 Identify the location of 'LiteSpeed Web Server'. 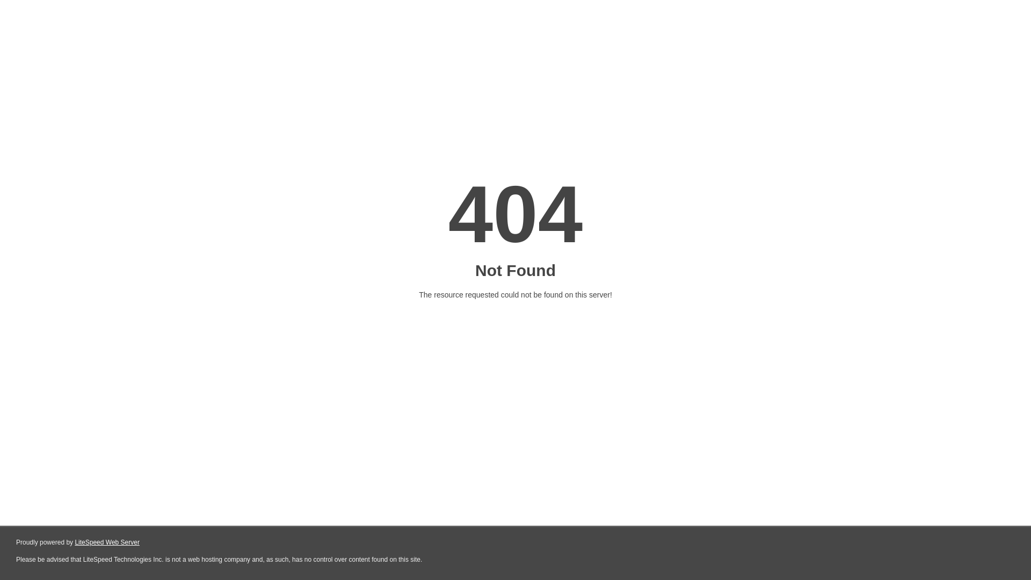
(107, 542).